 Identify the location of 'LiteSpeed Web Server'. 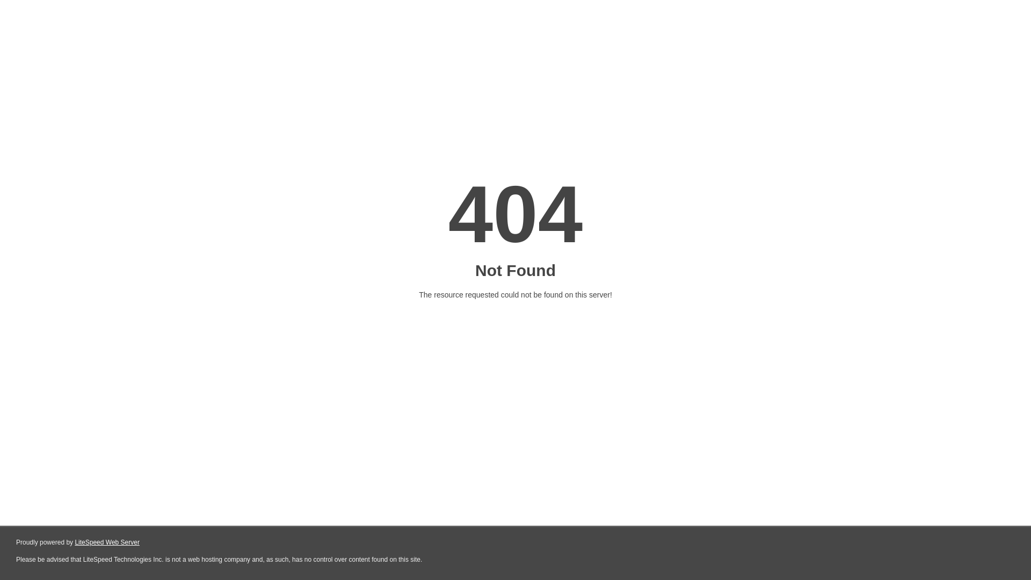
(107, 542).